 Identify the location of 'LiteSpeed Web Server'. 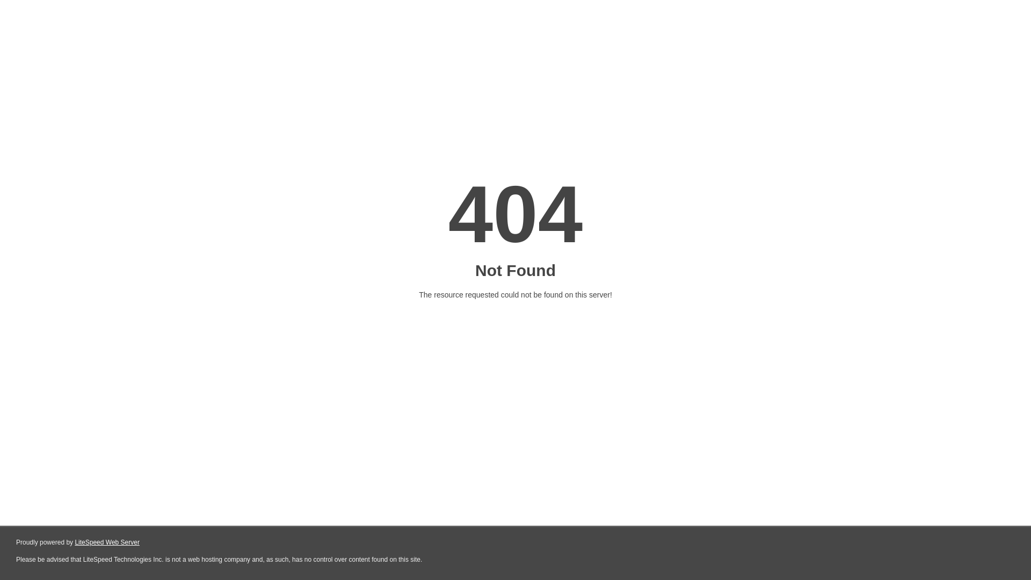
(107, 542).